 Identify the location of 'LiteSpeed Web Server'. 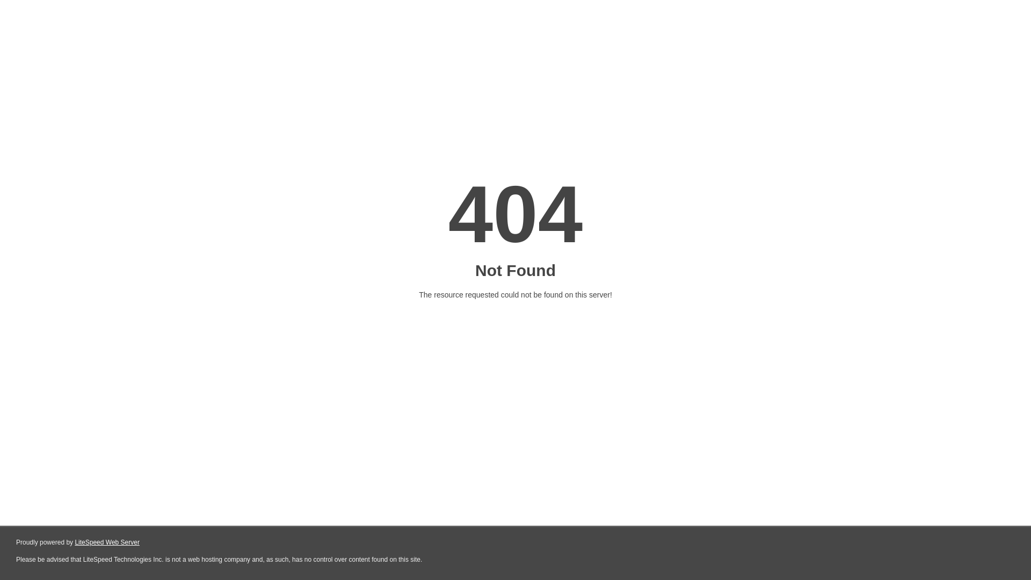
(107, 542).